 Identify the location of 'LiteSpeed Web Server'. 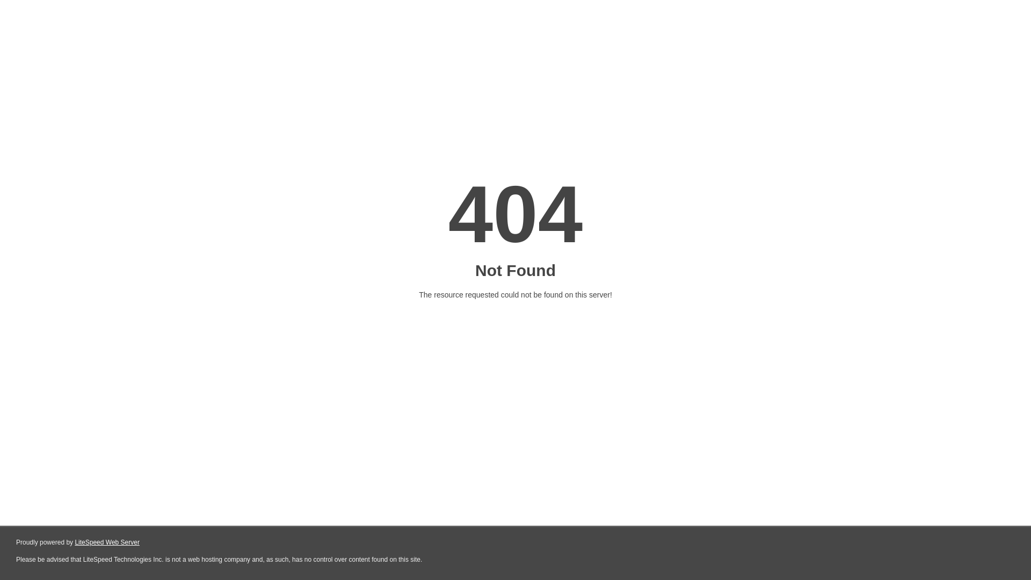
(107, 542).